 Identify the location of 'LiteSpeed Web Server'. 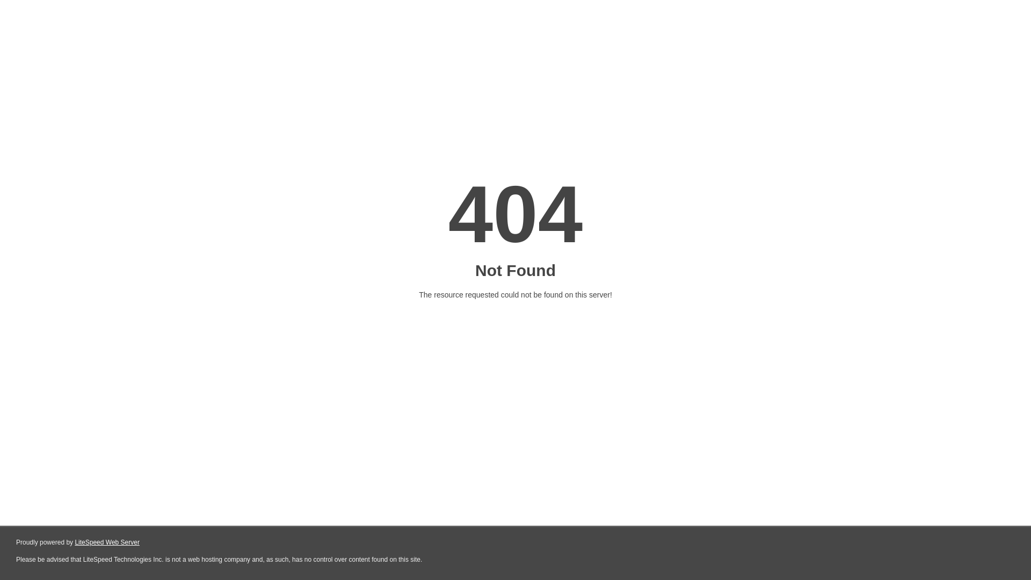
(107, 542).